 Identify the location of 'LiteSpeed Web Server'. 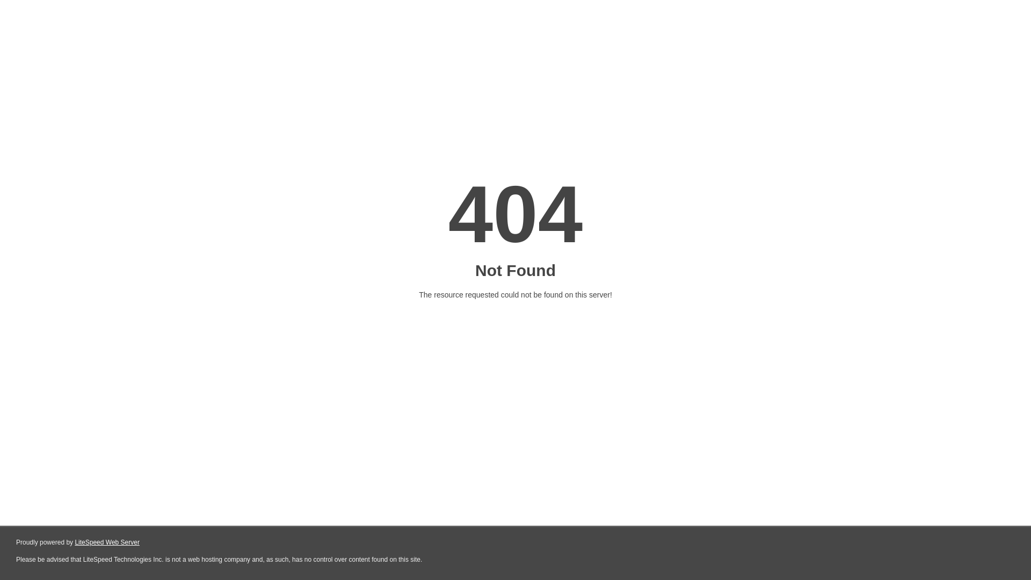
(107, 542).